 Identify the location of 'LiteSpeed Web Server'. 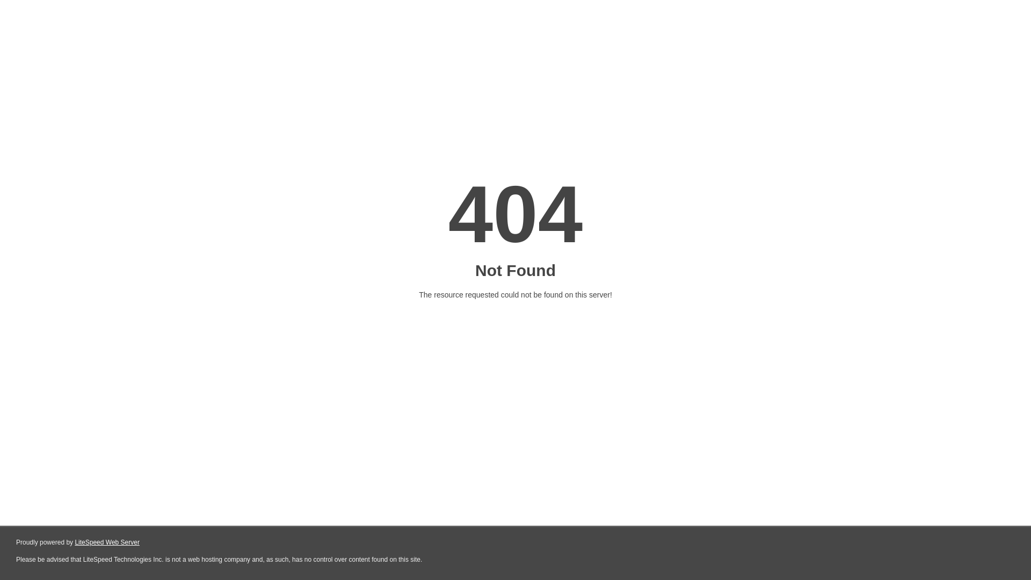
(107, 542).